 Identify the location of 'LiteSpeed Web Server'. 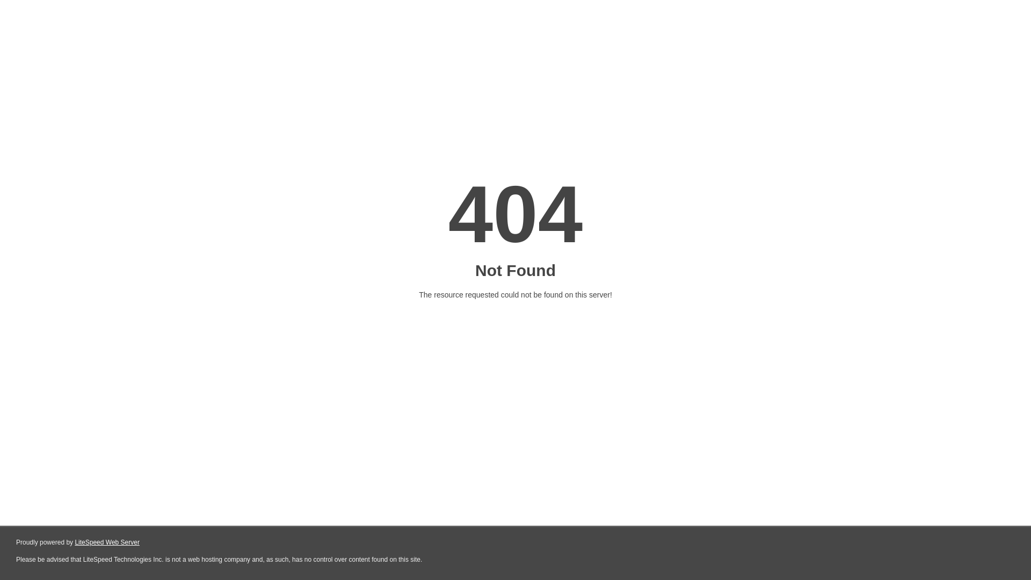
(107, 542).